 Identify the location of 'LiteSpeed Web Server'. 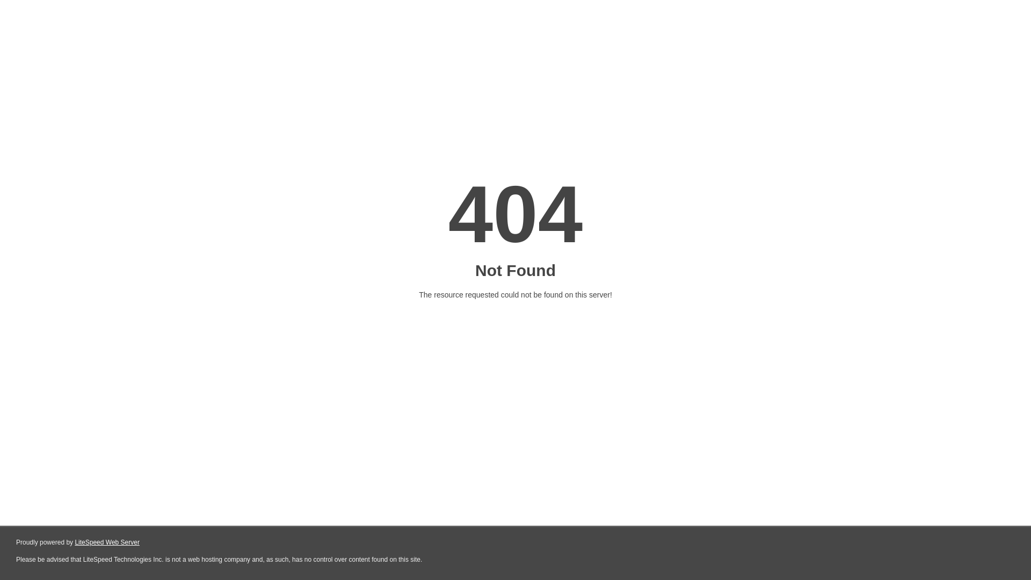
(107, 542).